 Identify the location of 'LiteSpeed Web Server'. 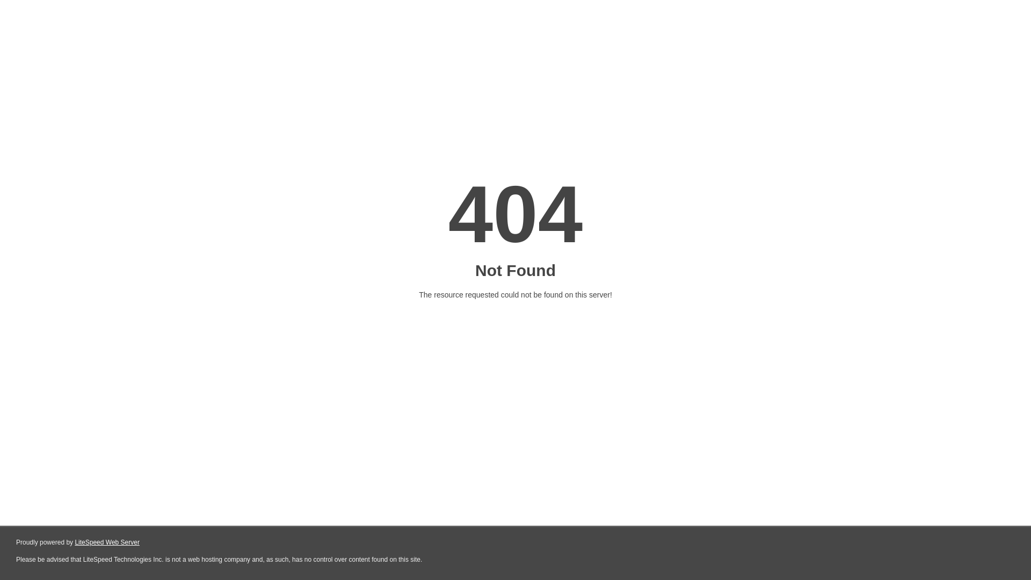
(107, 542).